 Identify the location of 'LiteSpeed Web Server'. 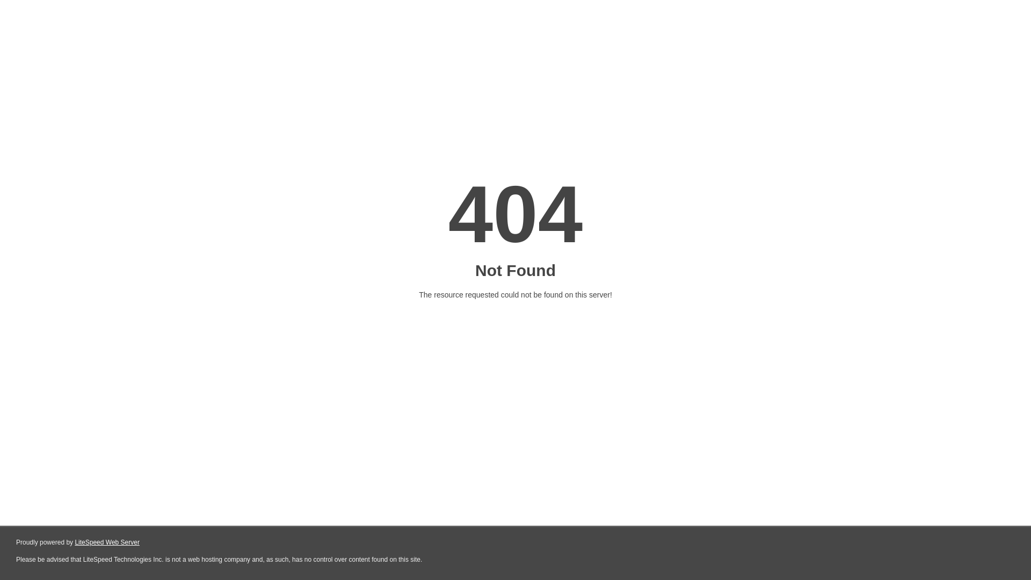
(107, 542).